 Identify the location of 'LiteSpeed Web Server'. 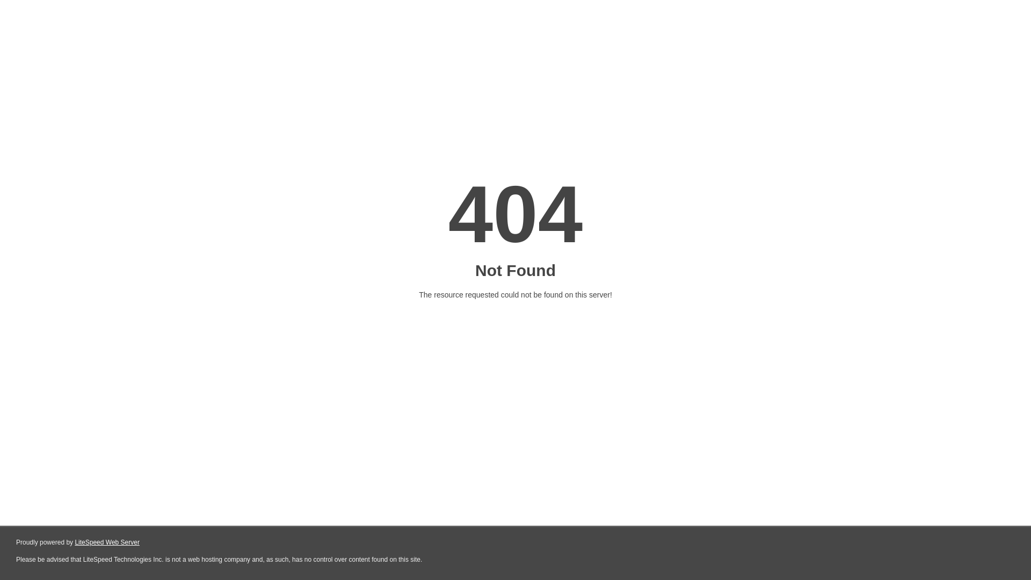
(107, 542).